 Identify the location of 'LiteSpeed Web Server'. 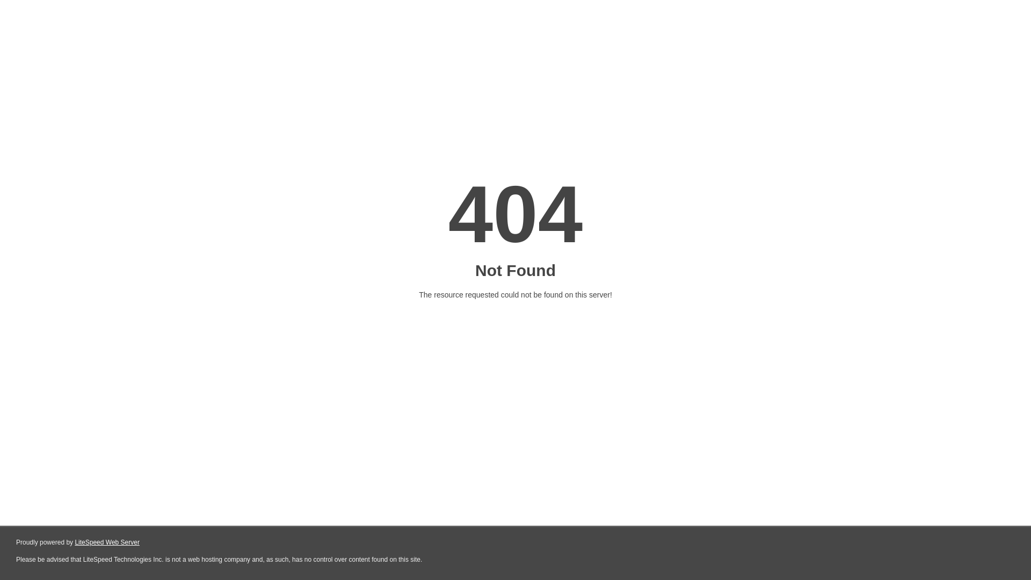
(107, 542).